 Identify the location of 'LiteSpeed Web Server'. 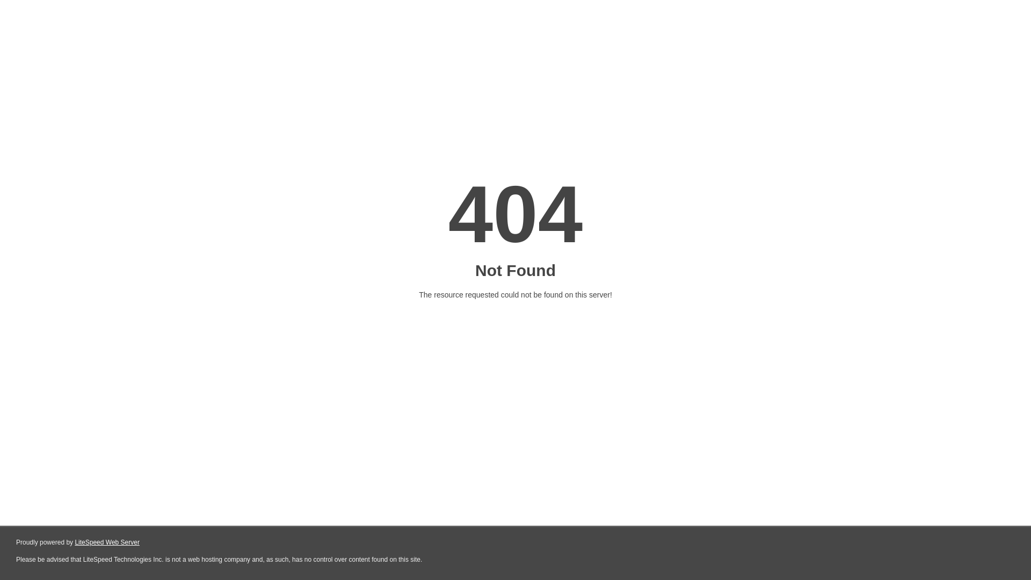
(107, 542).